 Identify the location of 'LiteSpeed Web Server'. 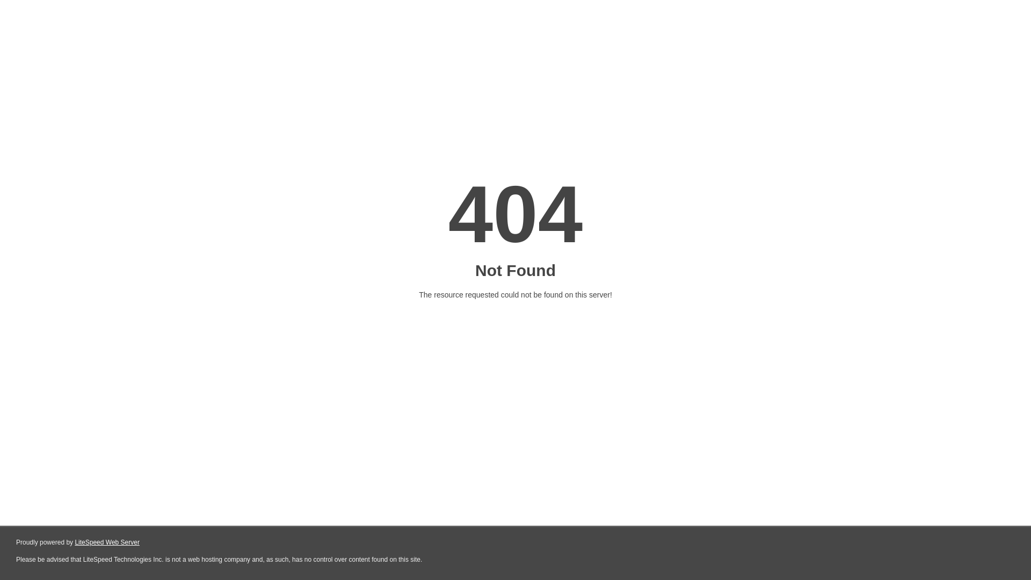
(107, 542).